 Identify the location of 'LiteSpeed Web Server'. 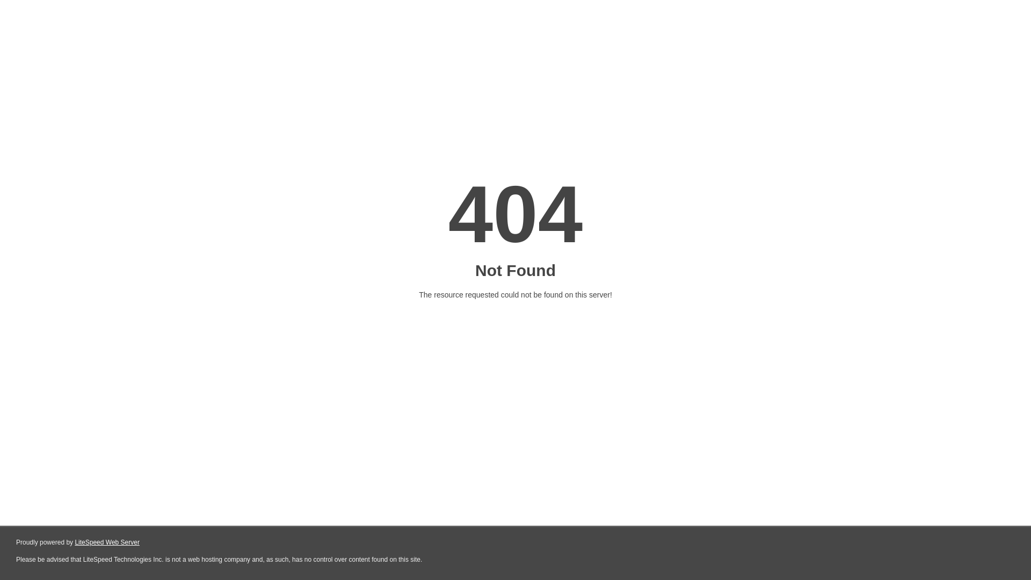
(107, 542).